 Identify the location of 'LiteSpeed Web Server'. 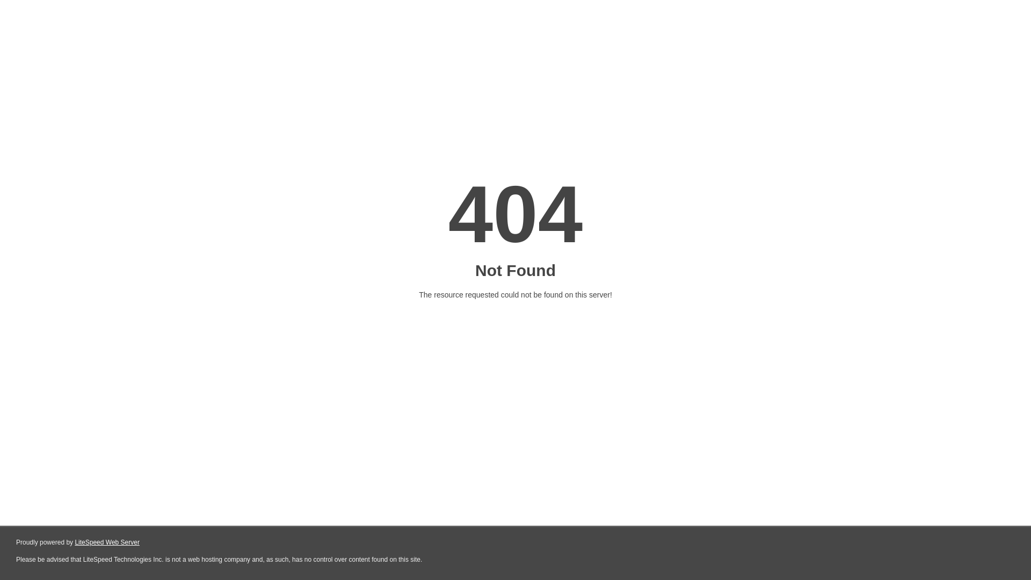
(107, 542).